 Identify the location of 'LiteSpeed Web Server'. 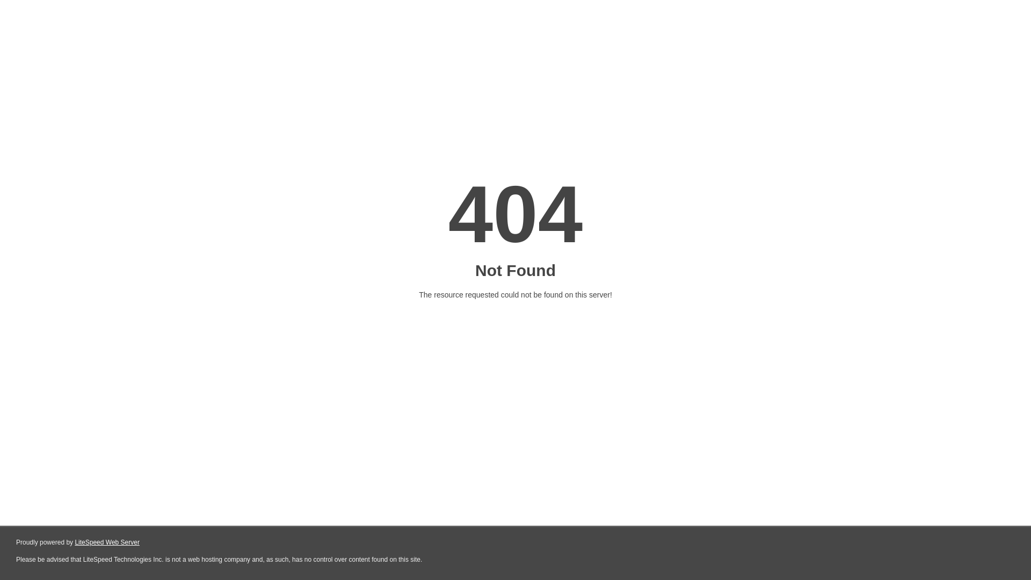
(107, 542).